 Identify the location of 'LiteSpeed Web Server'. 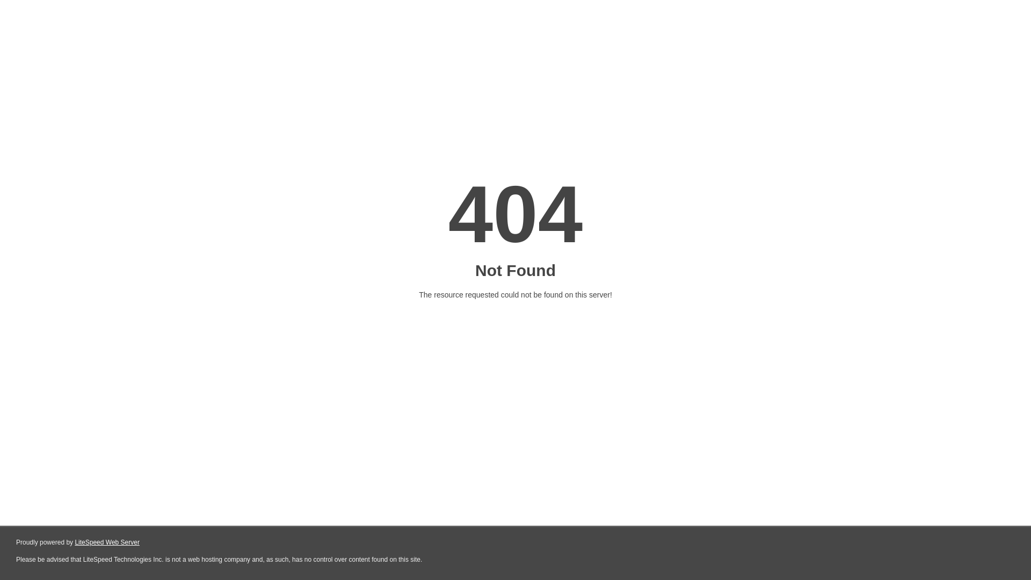
(107, 542).